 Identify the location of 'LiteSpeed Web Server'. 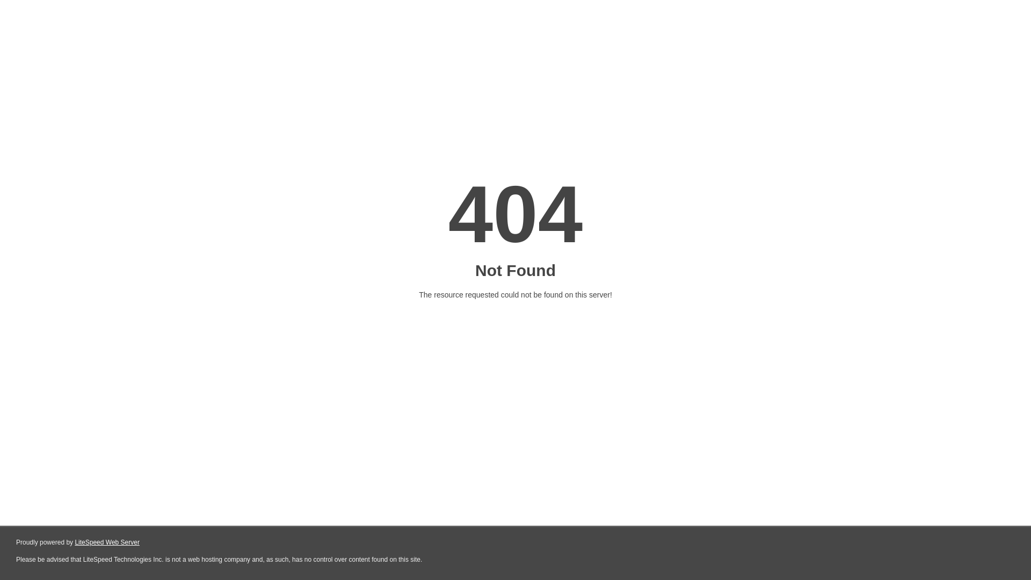
(107, 542).